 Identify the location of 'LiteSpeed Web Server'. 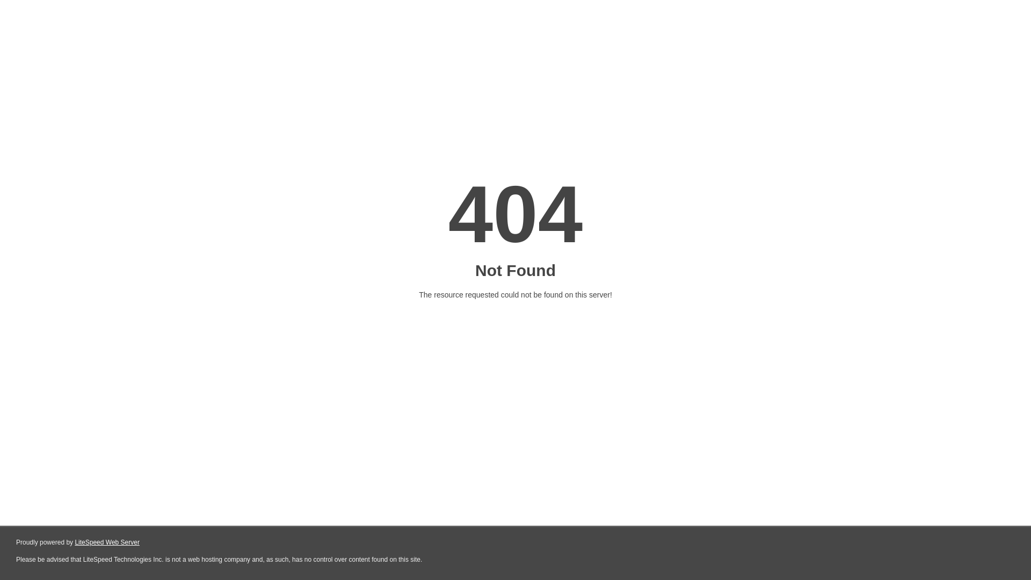
(107, 542).